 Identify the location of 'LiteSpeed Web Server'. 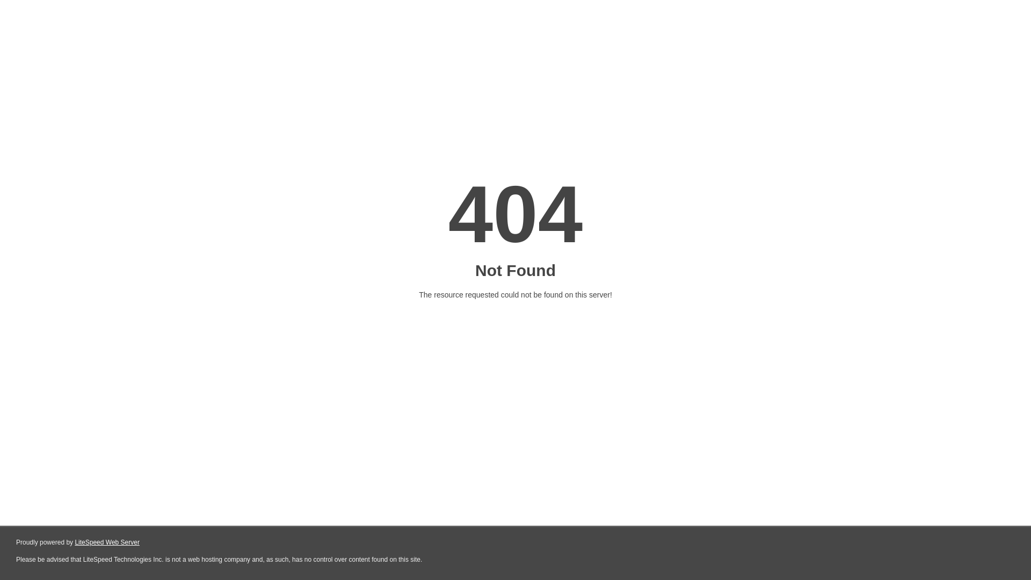
(107, 542).